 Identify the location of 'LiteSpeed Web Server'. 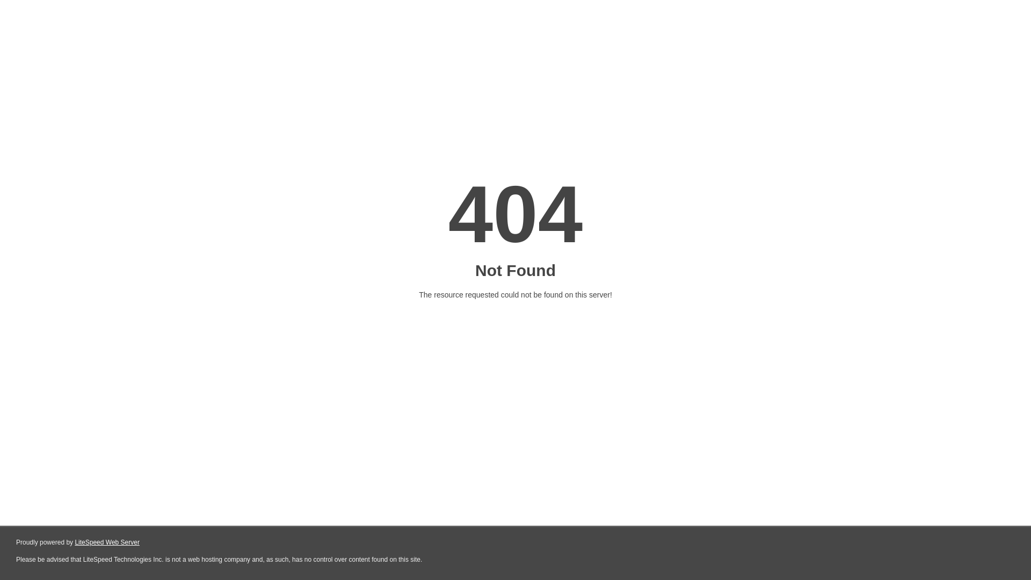
(107, 542).